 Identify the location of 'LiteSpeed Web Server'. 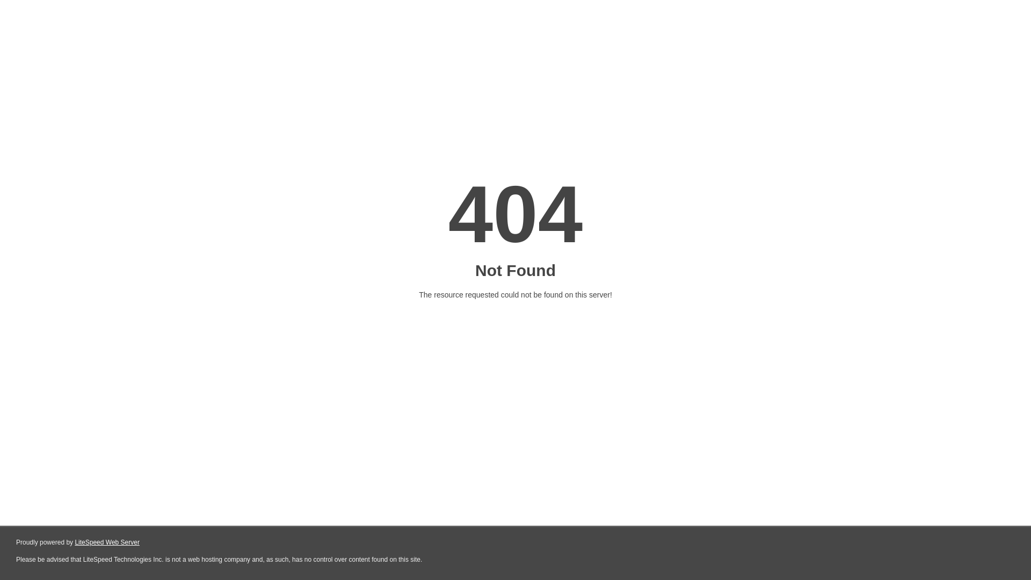
(107, 542).